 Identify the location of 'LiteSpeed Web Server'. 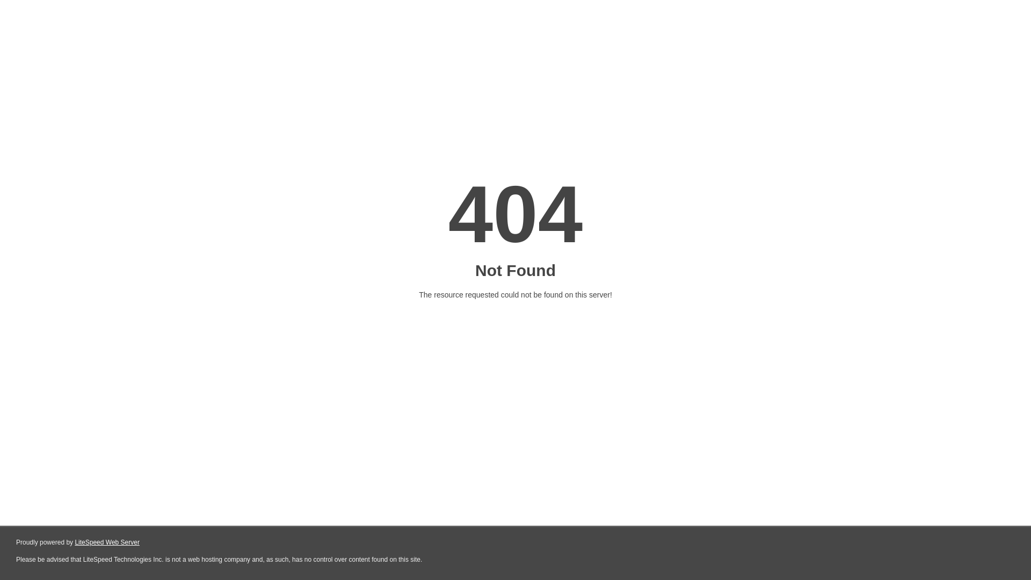
(107, 542).